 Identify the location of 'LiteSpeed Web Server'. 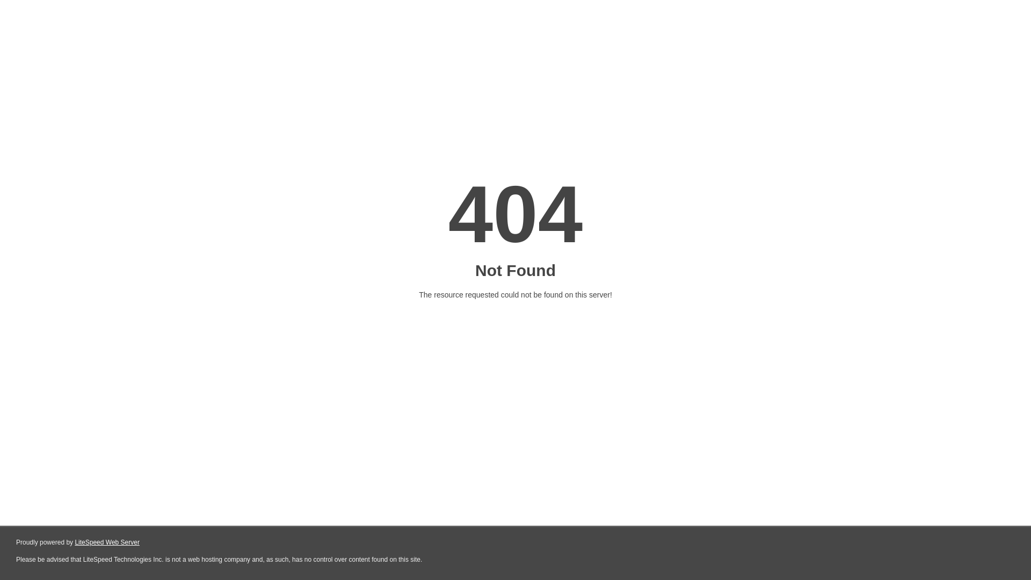
(107, 542).